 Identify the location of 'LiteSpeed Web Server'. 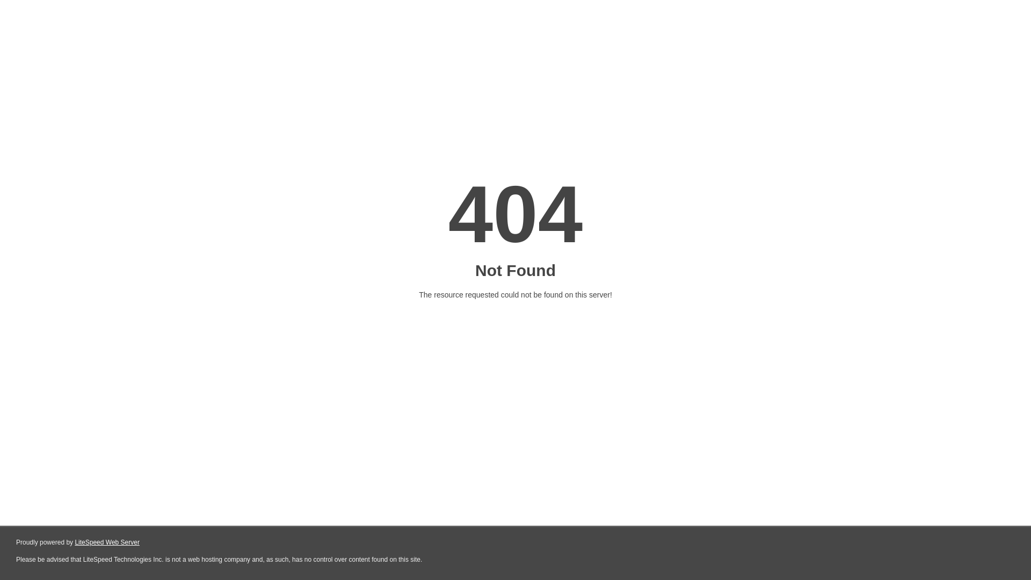
(107, 542).